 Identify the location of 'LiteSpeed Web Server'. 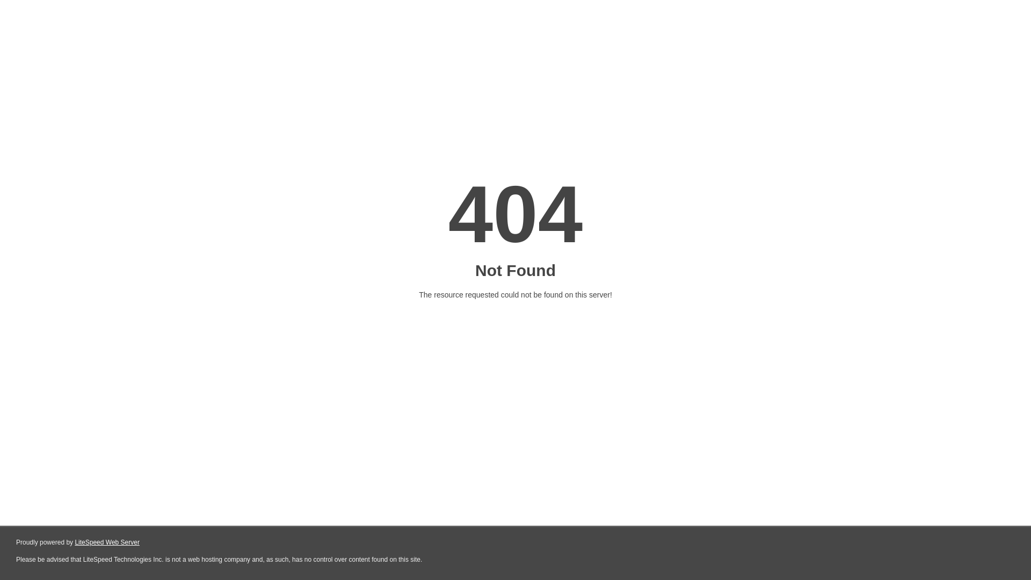
(107, 542).